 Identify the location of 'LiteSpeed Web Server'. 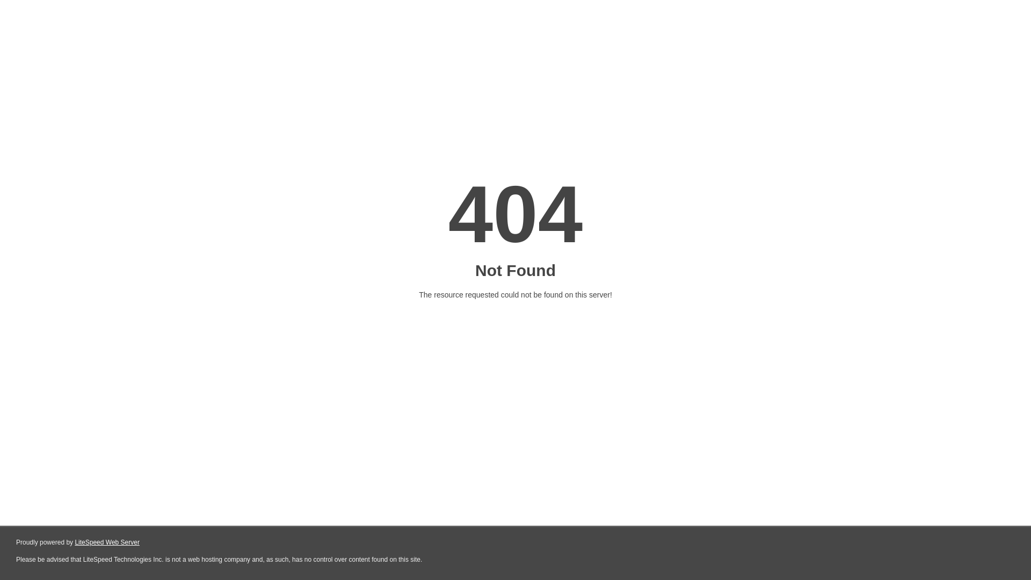
(107, 542).